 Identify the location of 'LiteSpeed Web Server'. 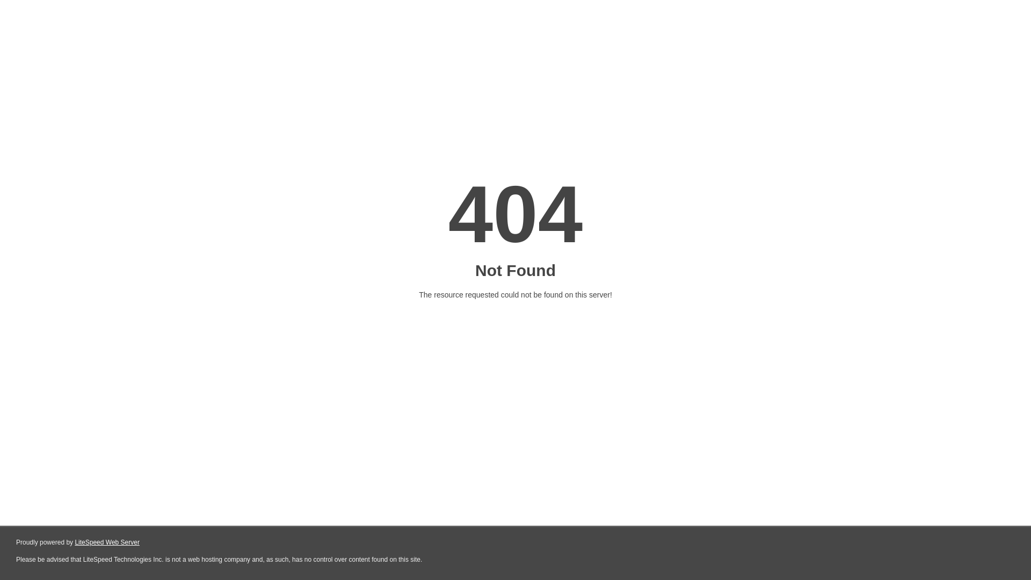
(107, 542).